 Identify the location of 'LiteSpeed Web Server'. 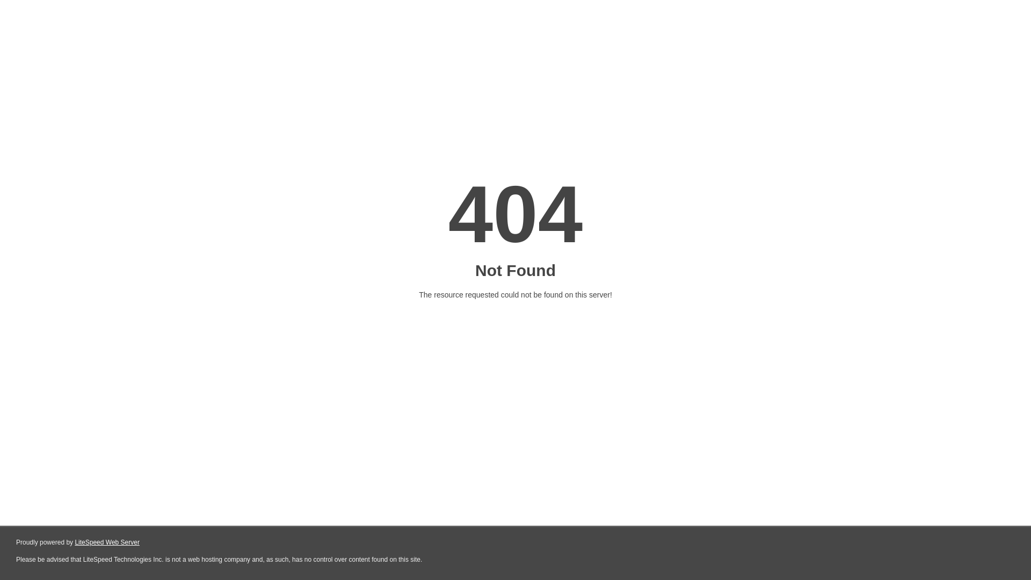
(107, 542).